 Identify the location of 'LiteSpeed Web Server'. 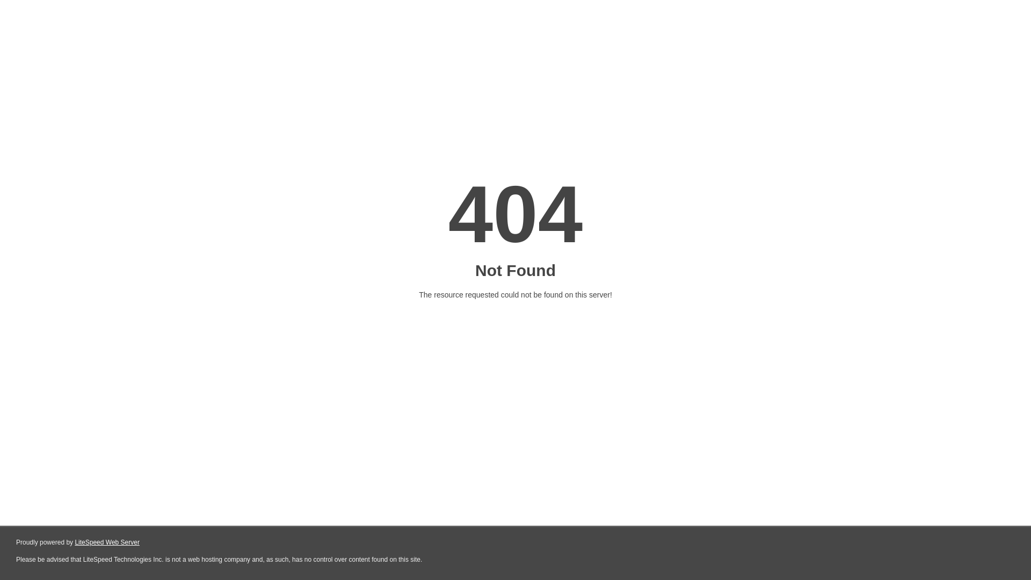
(107, 542).